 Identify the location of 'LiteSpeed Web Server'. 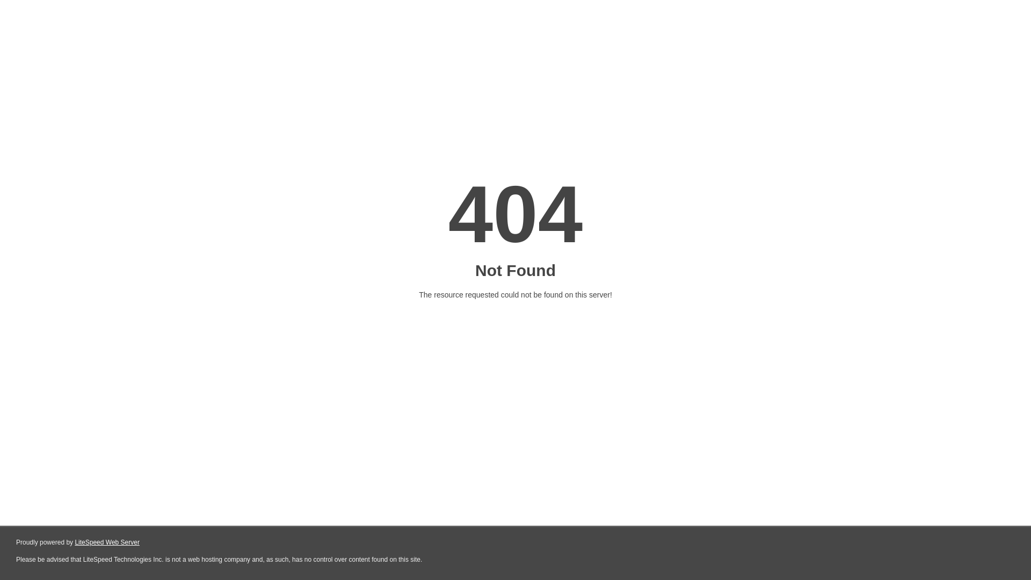
(107, 542).